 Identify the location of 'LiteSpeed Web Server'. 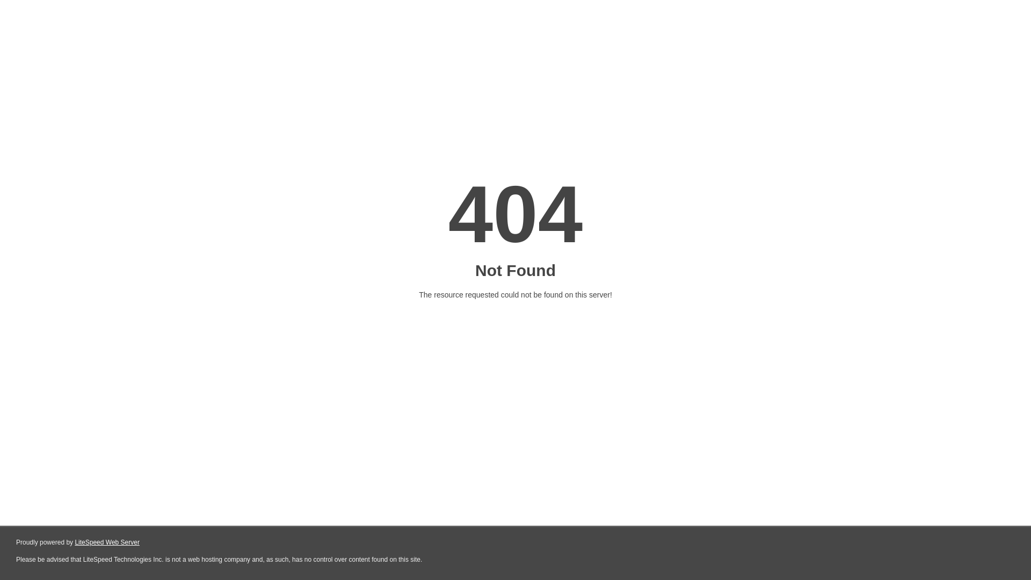
(107, 542).